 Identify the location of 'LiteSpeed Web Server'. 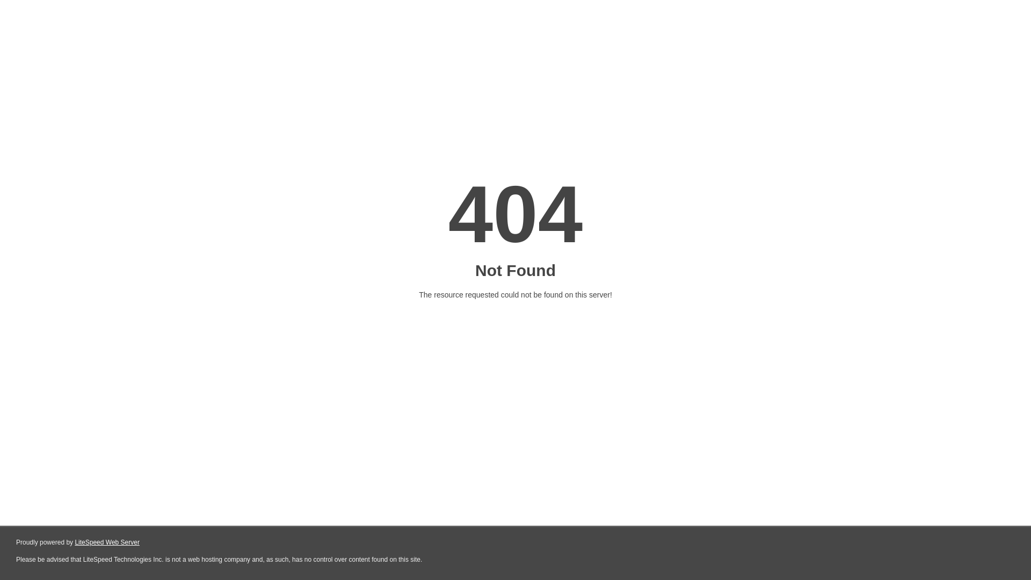
(107, 542).